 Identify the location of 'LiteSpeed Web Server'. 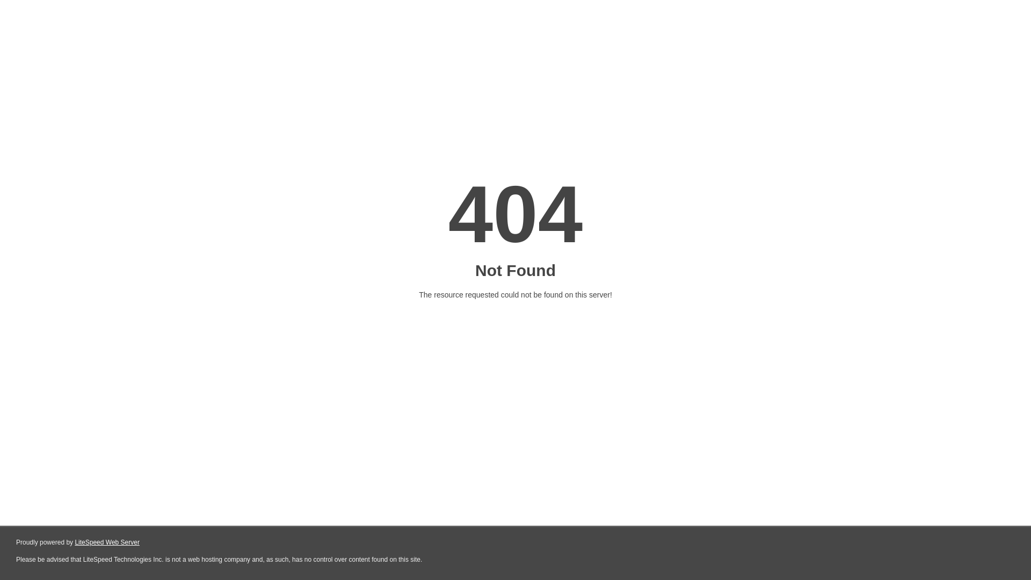
(107, 542).